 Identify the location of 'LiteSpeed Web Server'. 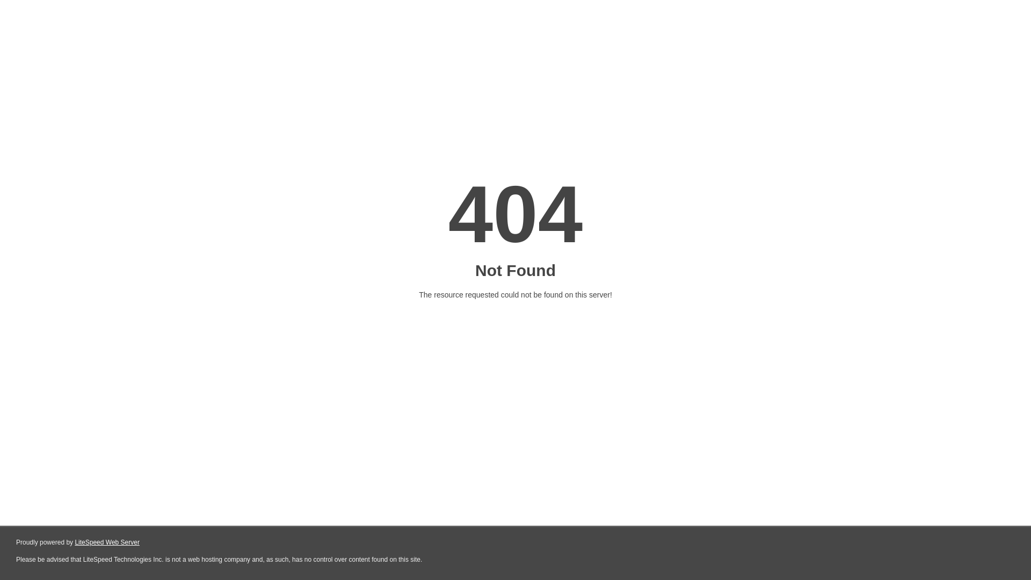
(107, 542).